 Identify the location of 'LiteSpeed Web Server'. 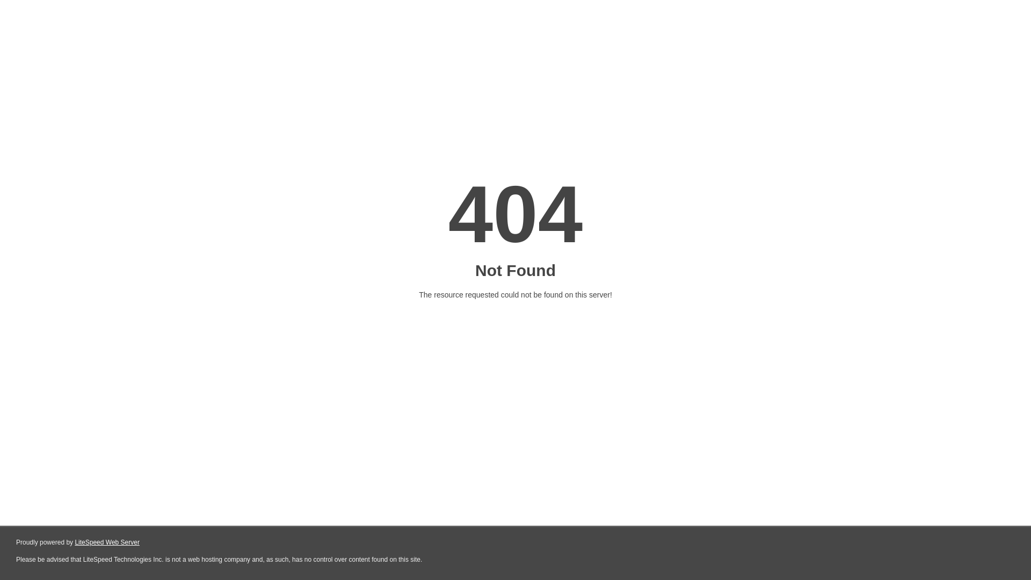
(107, 542).